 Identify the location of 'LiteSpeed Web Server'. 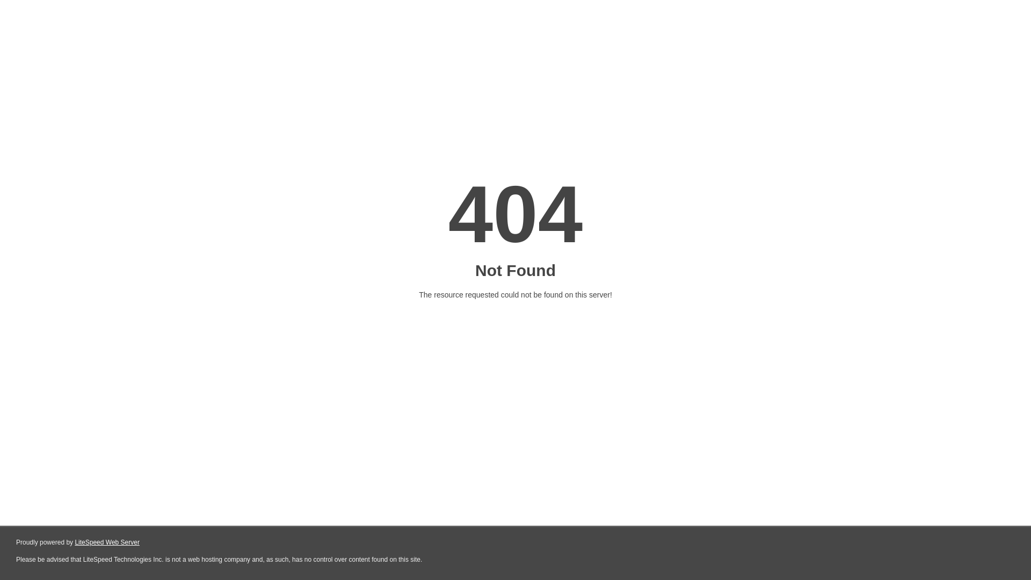
(107, 542).